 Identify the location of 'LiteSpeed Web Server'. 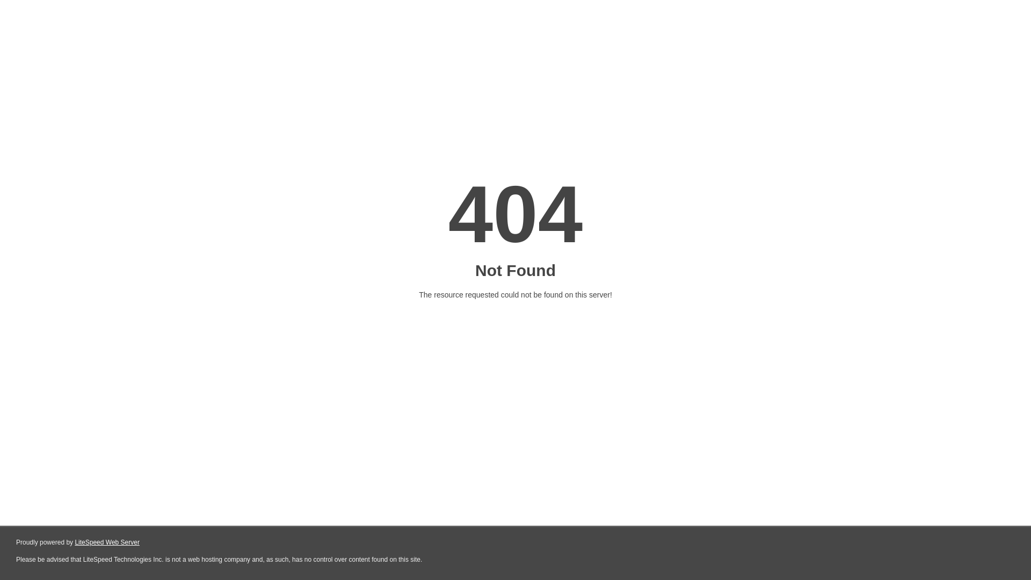
(107, 542).